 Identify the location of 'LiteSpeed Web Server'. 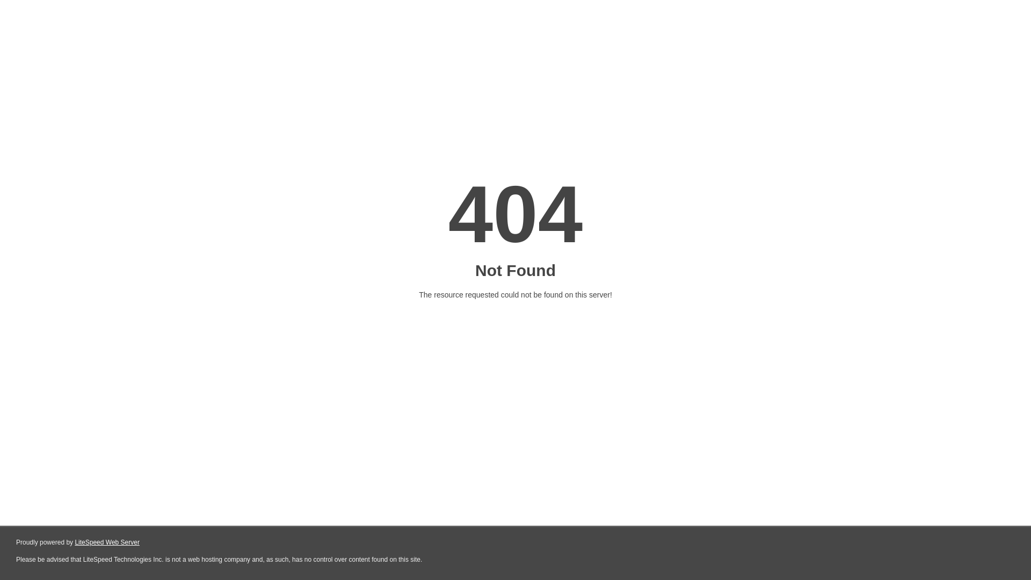
(107, 542).